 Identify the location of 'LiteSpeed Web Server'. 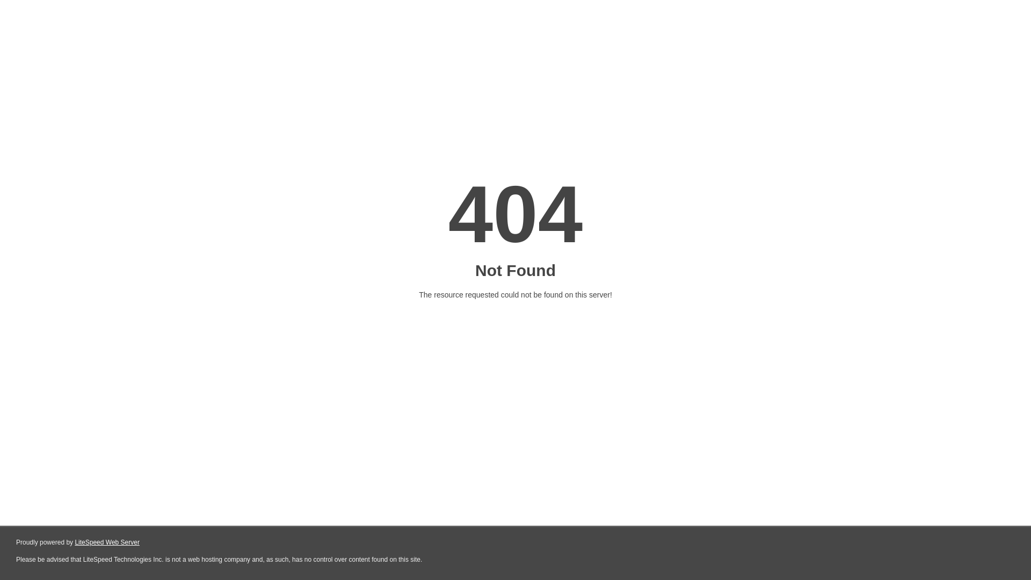
(107, 542).